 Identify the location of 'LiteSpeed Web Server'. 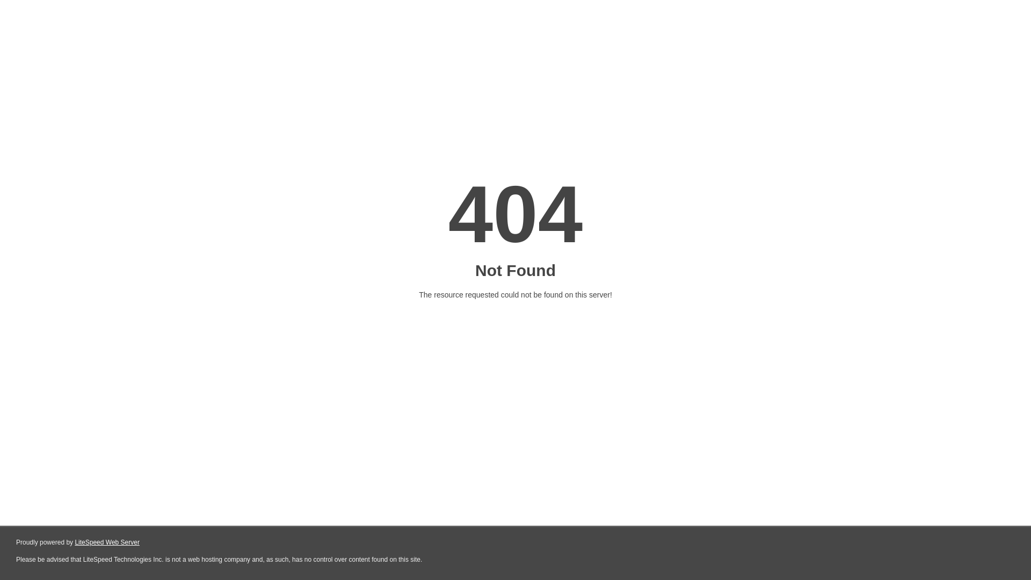
(107, 542).